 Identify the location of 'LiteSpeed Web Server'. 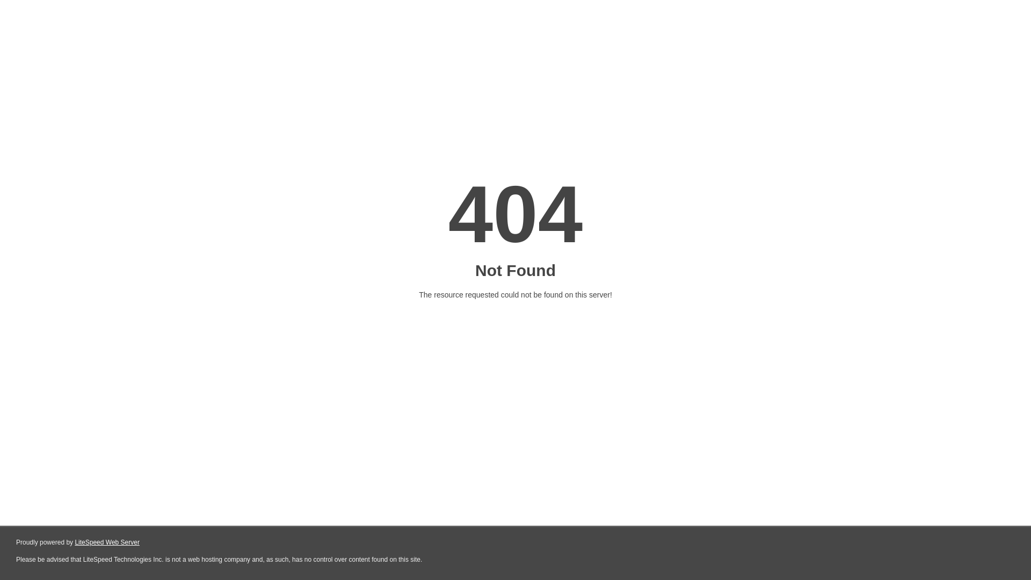
(107, 542).